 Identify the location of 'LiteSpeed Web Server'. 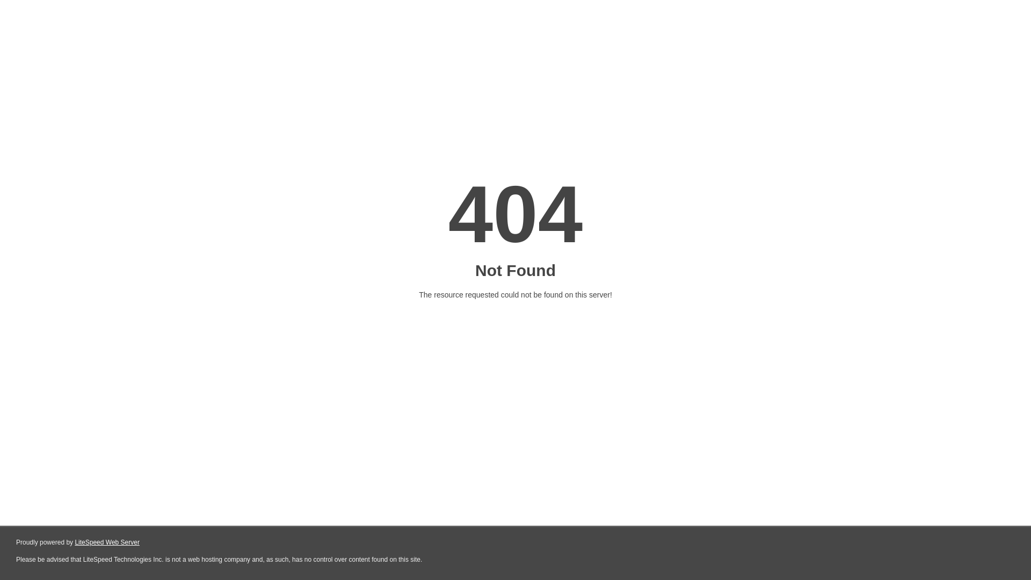
(107, 542).